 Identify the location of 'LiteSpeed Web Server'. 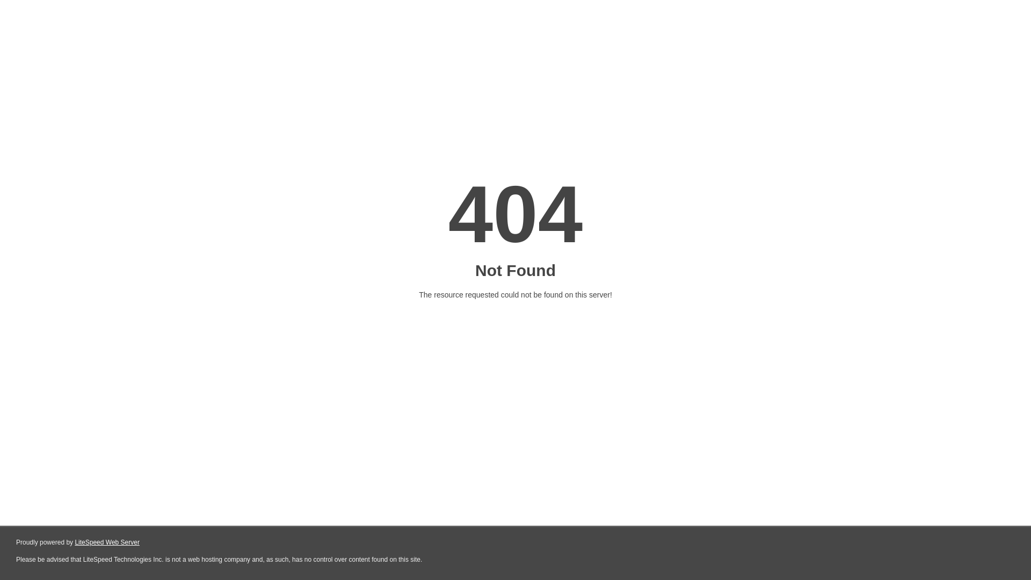
(107, 542).